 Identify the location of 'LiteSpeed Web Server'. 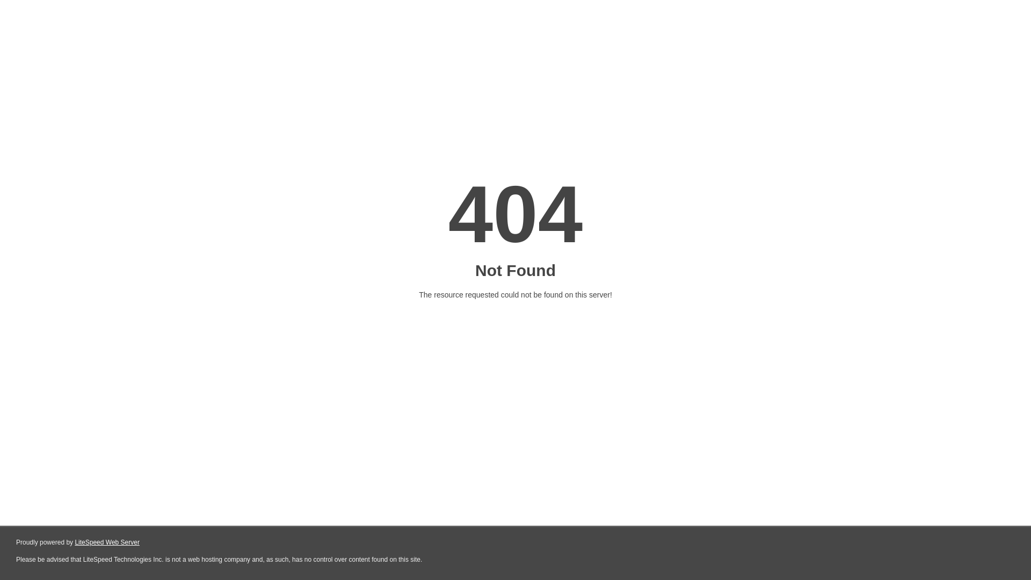
(107, 542).